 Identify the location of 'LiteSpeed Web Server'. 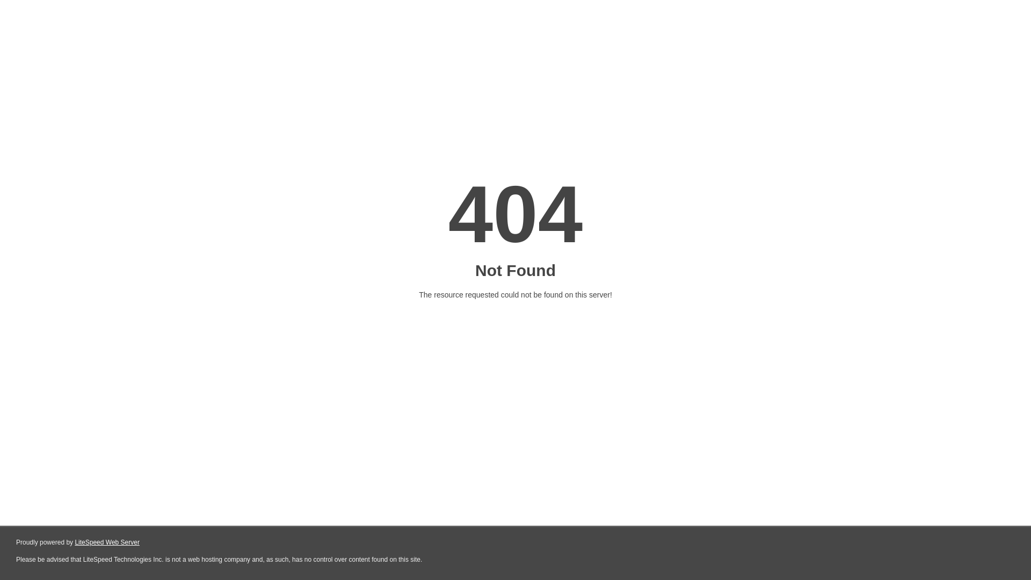
(107, 542).